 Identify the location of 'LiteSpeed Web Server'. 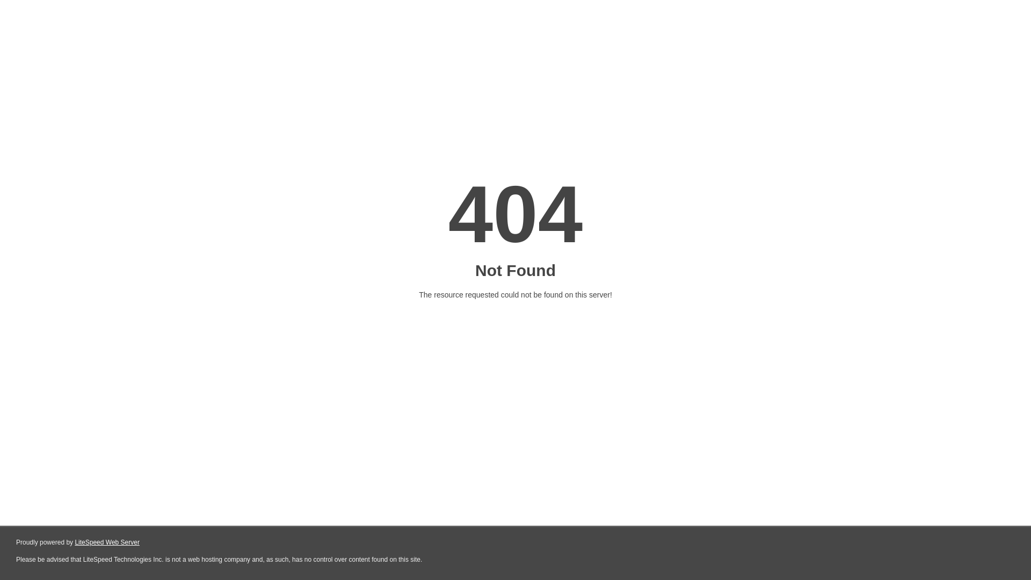
(107, 542).